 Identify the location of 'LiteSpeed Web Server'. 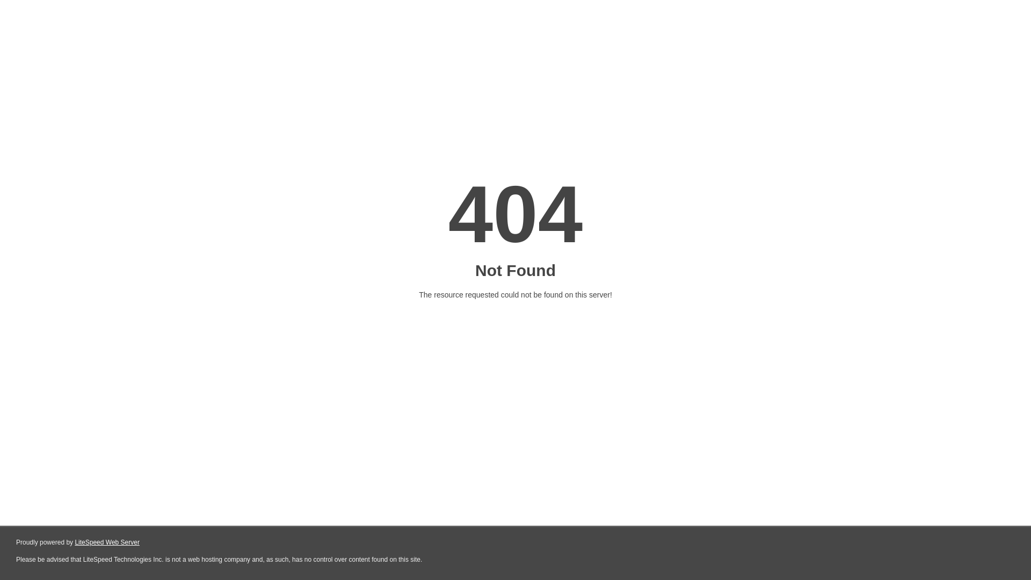
(107, 542).